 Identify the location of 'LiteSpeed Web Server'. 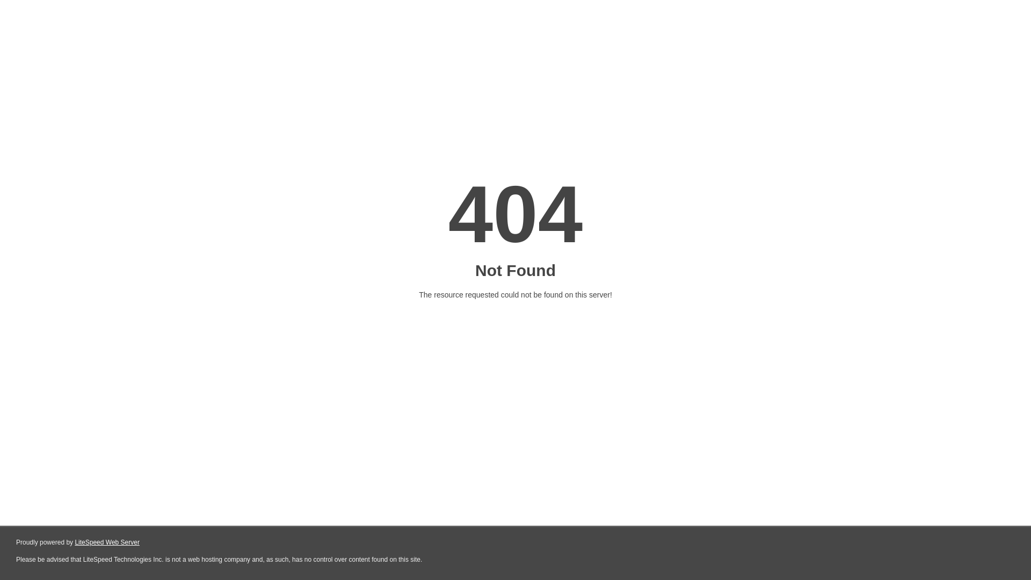
(107, 542).